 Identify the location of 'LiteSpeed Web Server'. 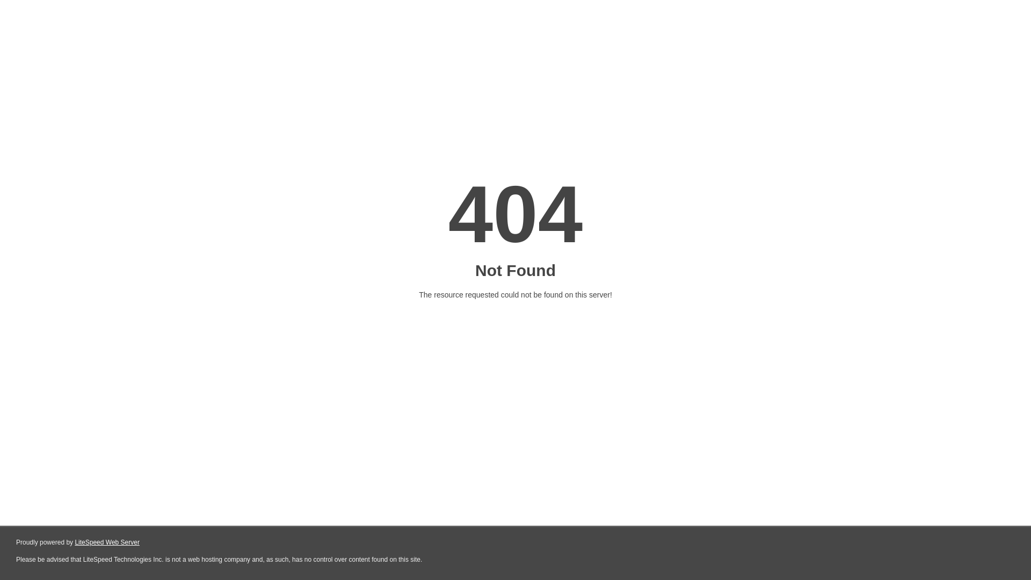
(107, 542).